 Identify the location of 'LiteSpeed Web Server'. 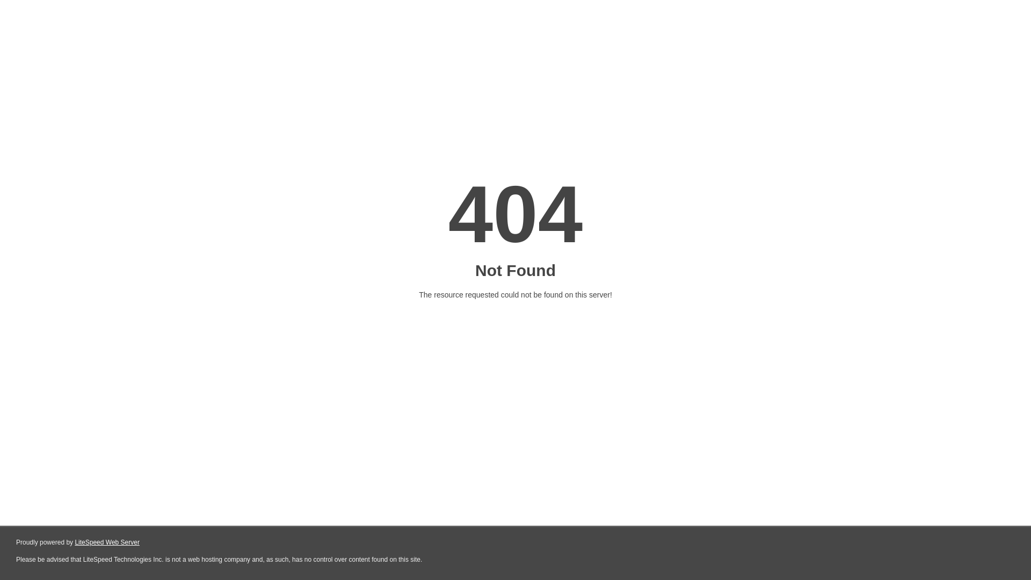
(107, 542).